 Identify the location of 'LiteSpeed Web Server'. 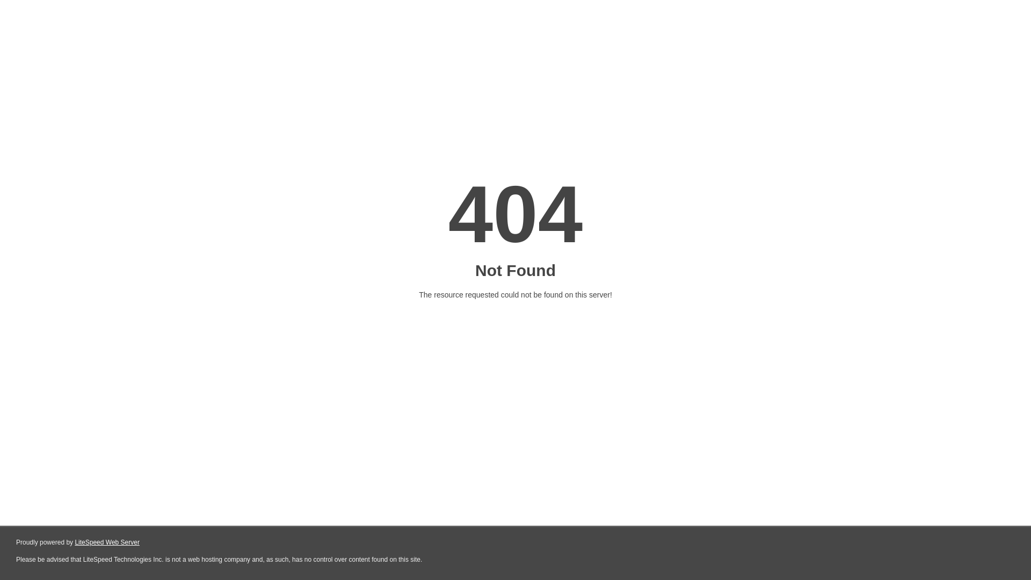
(107, 542).